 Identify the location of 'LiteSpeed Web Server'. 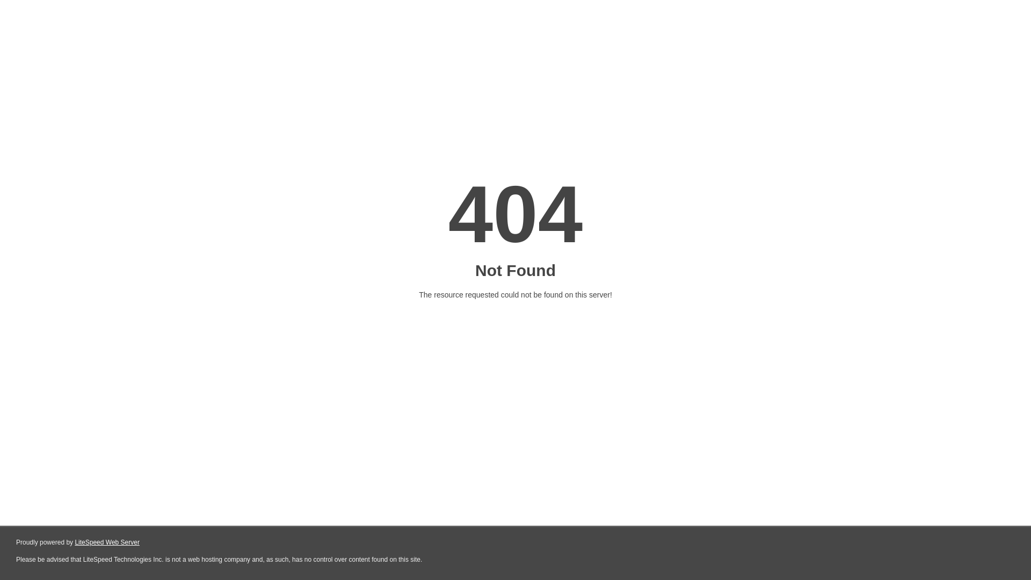
(107, 542).